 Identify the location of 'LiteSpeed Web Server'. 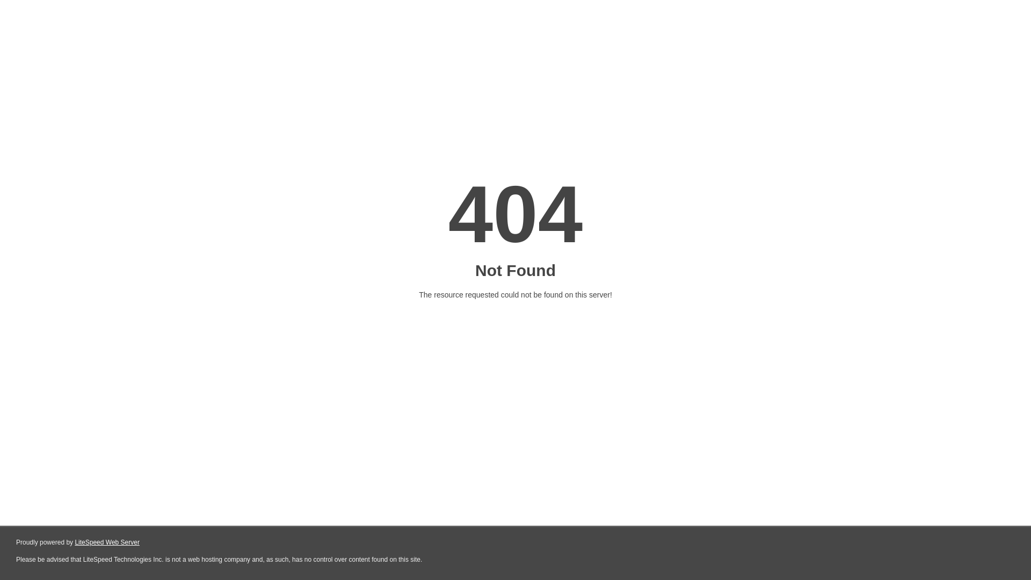
(107, 542).